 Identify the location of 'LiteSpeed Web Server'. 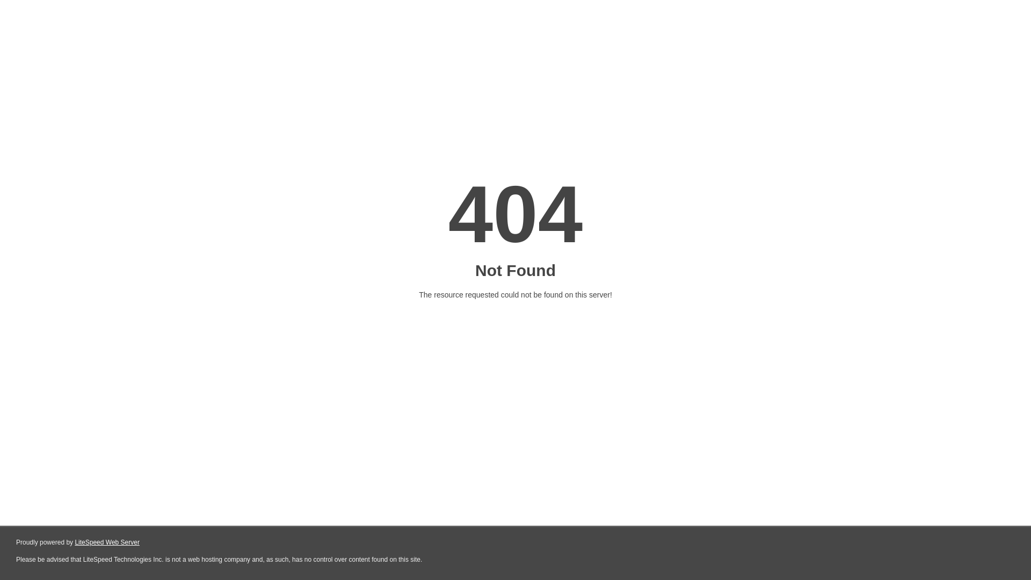
(107, 542).